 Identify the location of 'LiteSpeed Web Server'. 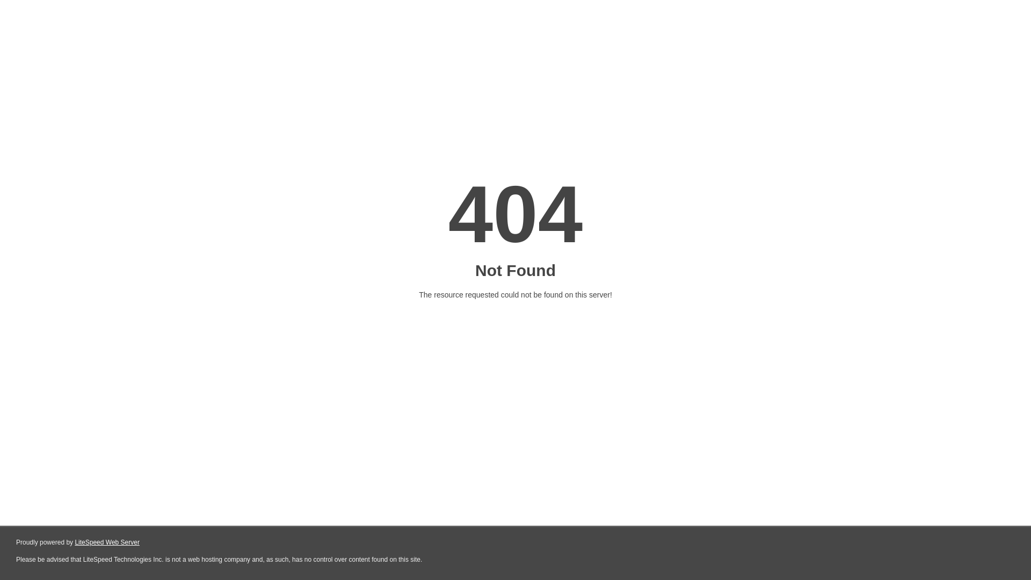
(107, 542).